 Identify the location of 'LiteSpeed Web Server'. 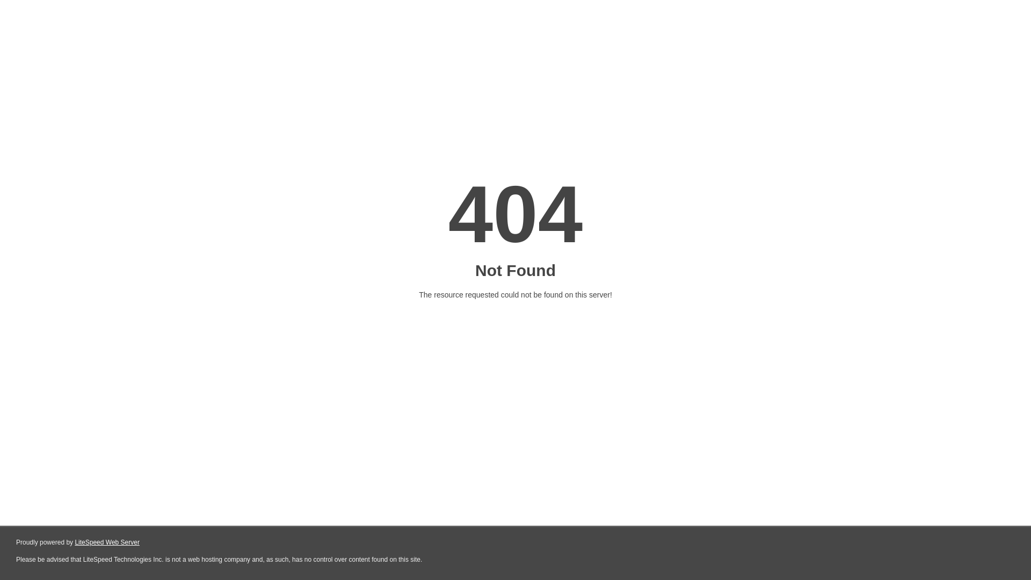
(107, 542).